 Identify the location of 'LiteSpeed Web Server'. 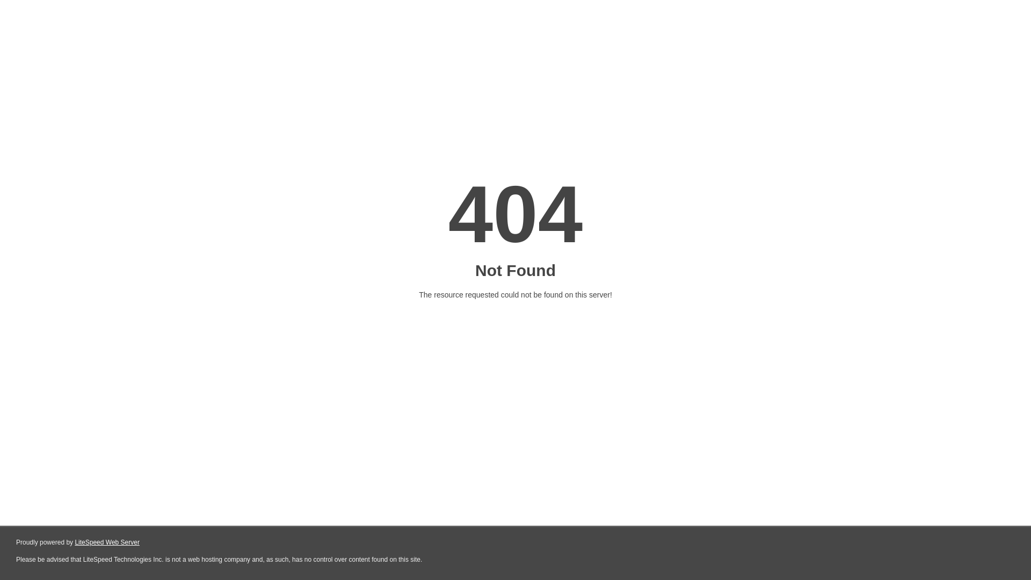
(107, 542).